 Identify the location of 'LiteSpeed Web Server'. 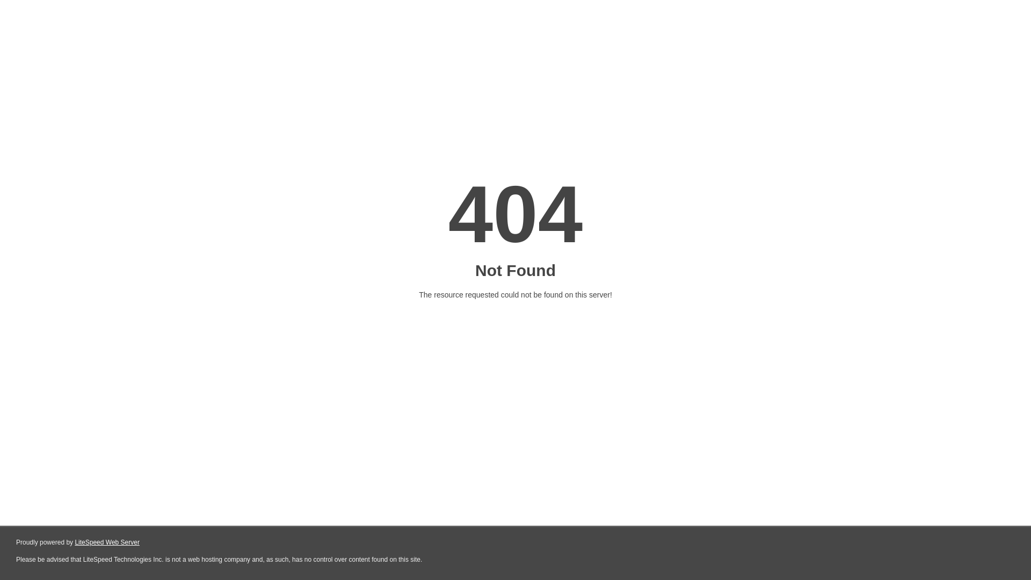
(107, 542).